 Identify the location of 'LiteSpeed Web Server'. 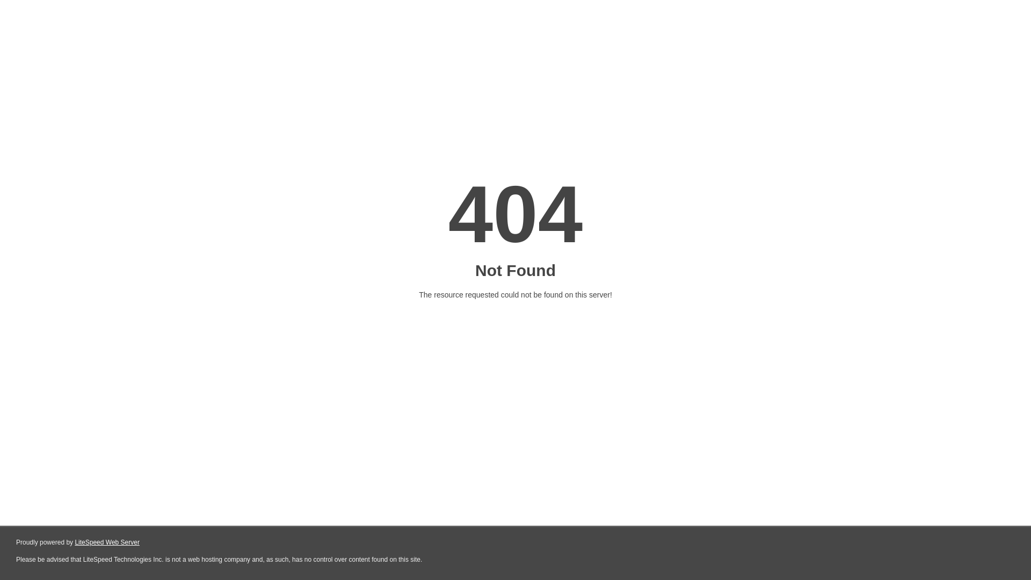
(107, 542).